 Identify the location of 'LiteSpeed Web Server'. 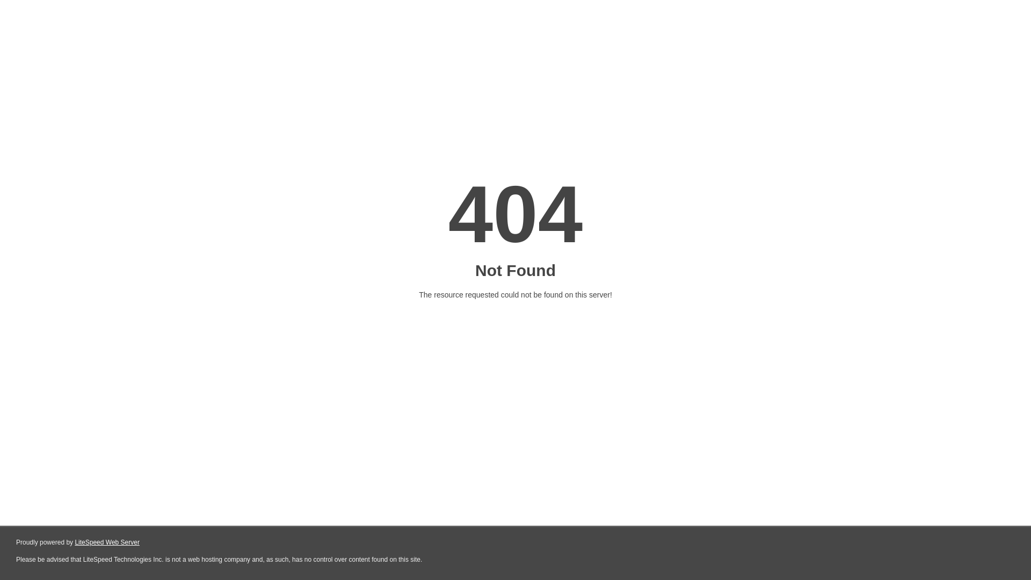
(107, 542).